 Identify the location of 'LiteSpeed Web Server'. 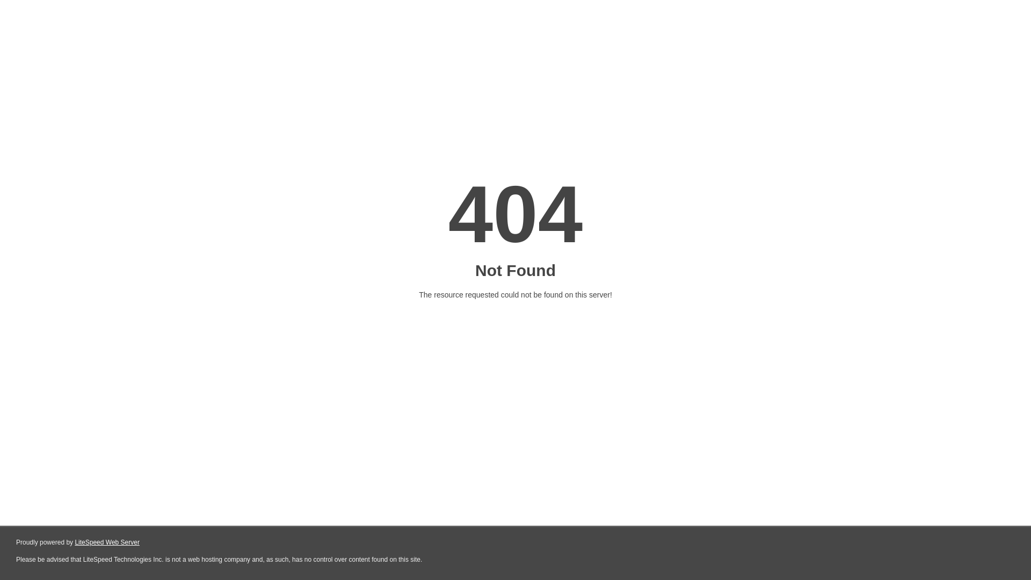
(107, 542).